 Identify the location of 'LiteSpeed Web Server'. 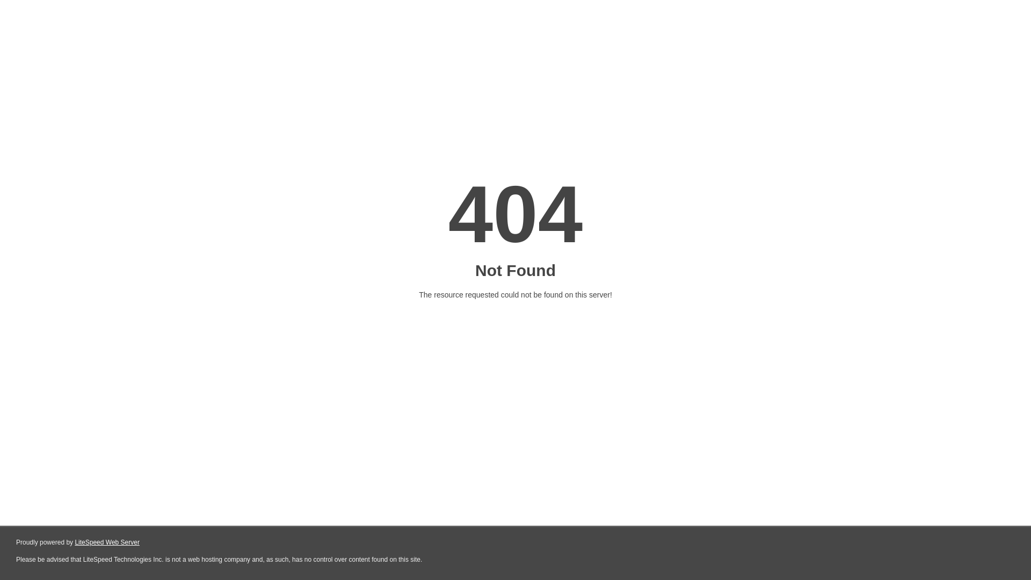
(107, 542).